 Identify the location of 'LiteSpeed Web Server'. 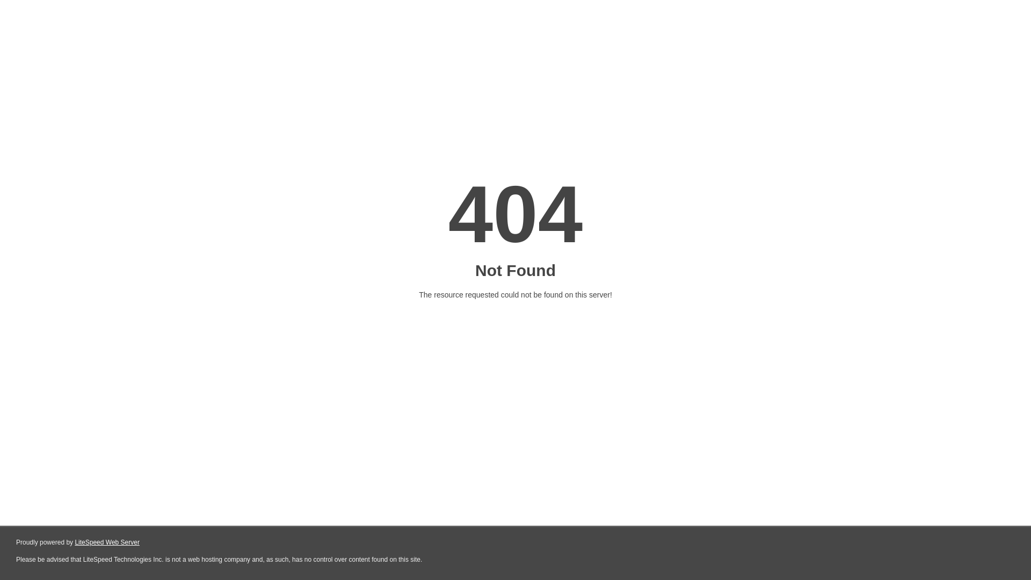
(107, 542).